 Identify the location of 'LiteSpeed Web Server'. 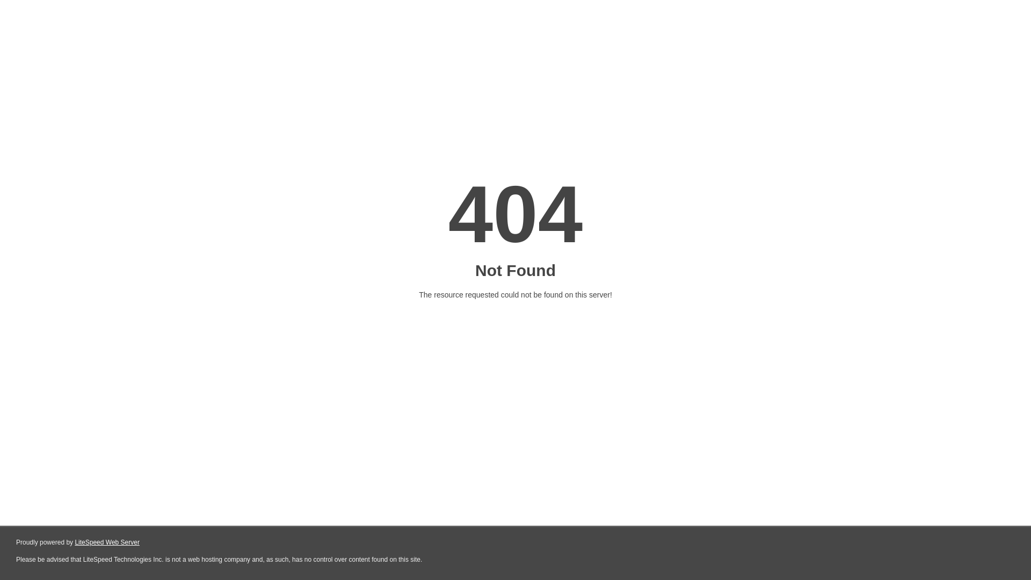
(107, 542).